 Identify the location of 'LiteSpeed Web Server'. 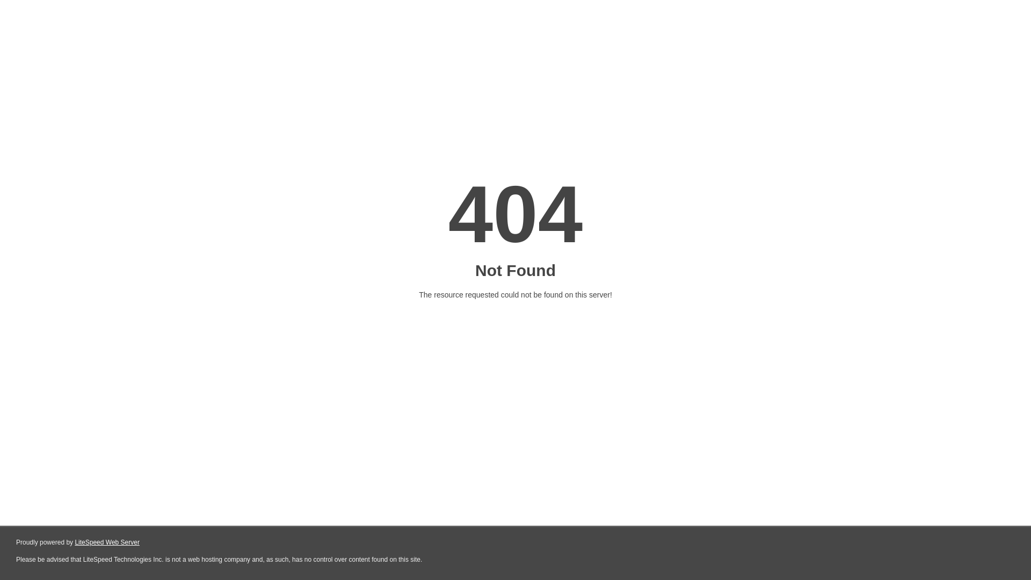
(107, 542).